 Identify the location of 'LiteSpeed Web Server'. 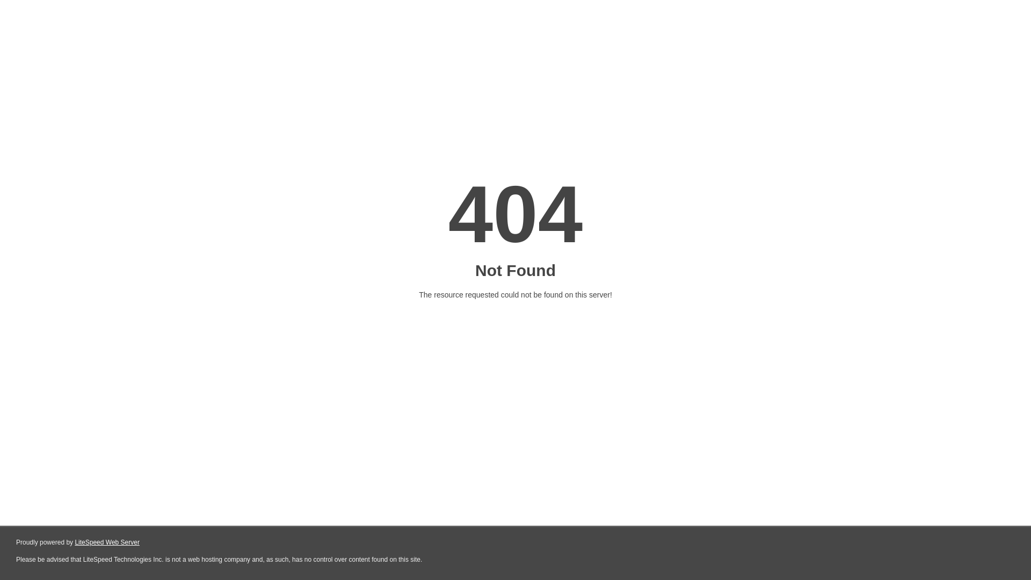
(107, 542).